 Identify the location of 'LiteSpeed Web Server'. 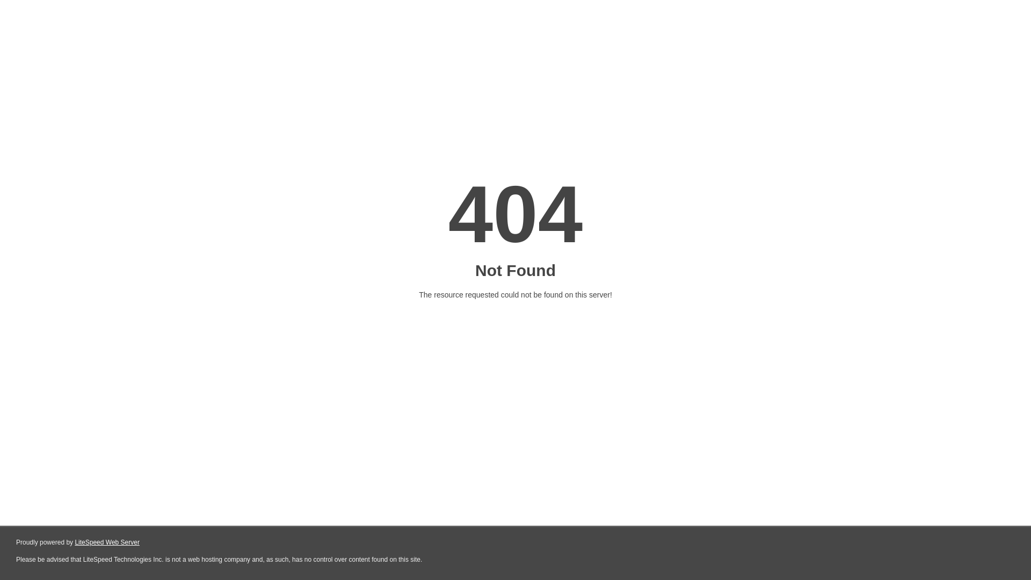
(107, 542).